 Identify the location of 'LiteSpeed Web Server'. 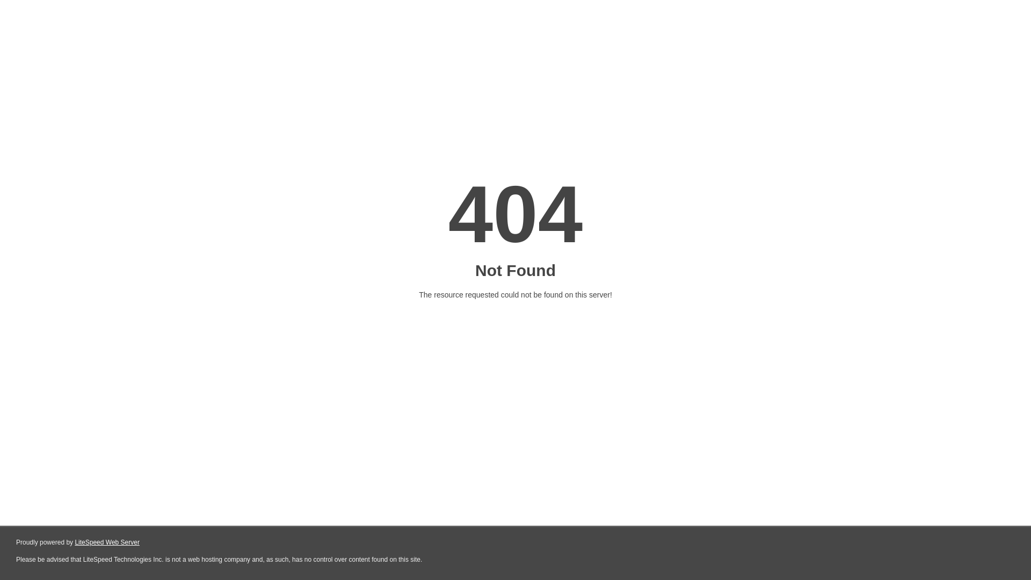
(107, 542).